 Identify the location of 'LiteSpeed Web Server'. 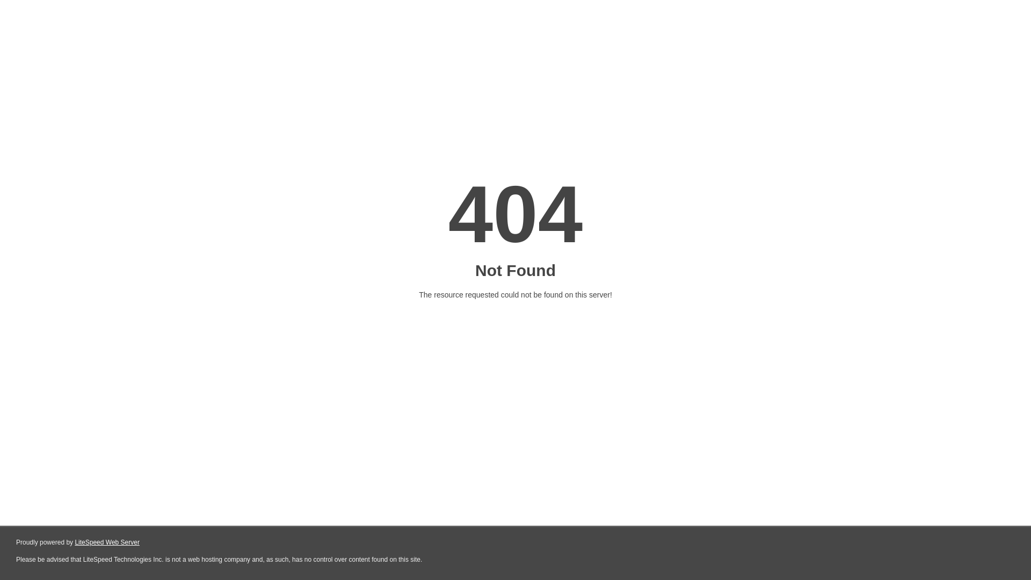
(107, 542).